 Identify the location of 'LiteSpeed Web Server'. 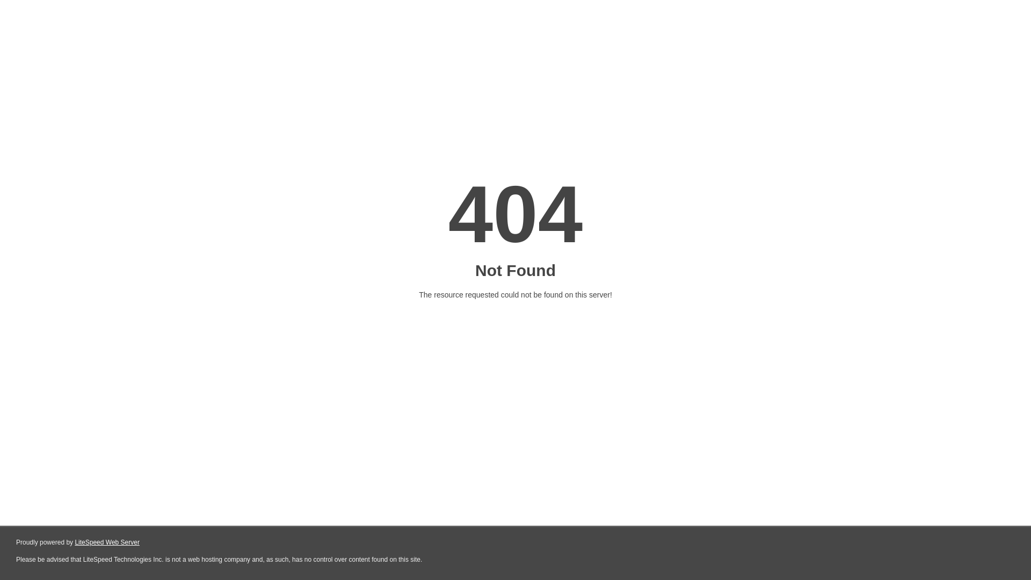
(107, 542).